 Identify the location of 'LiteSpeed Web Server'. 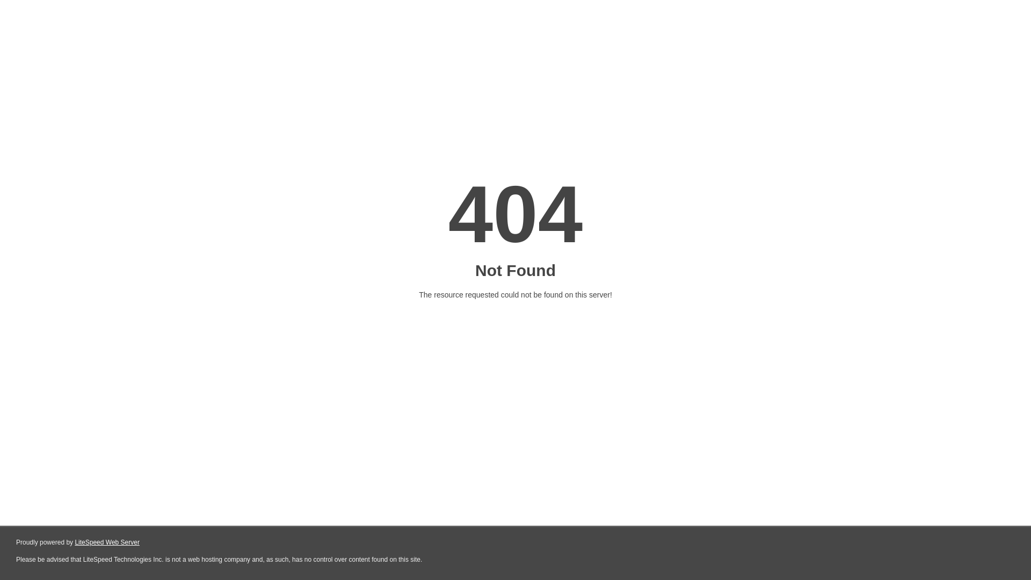
(107, 542).